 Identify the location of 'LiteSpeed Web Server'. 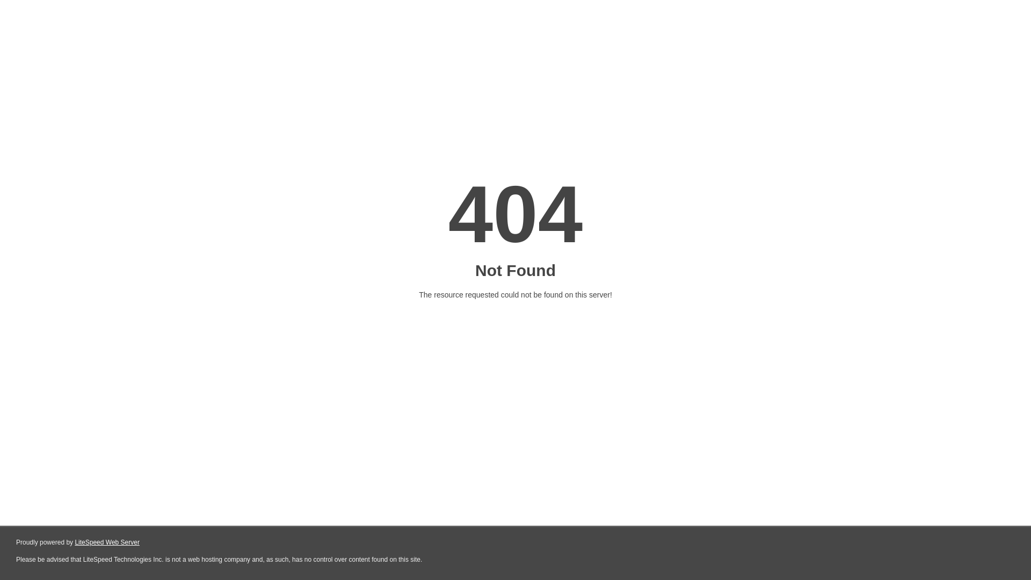
(107, 542).